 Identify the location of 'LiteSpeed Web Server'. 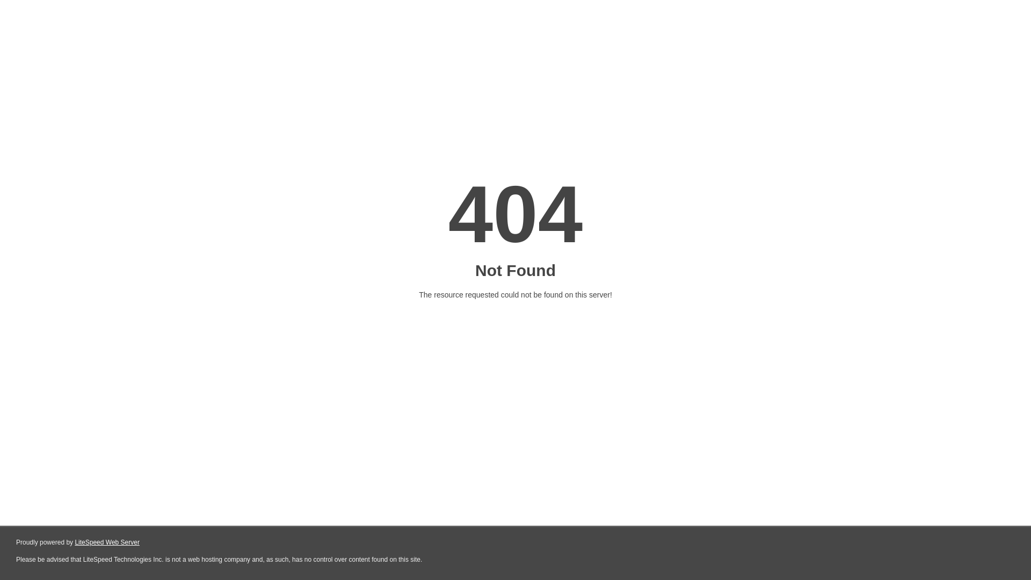
(107, 542).